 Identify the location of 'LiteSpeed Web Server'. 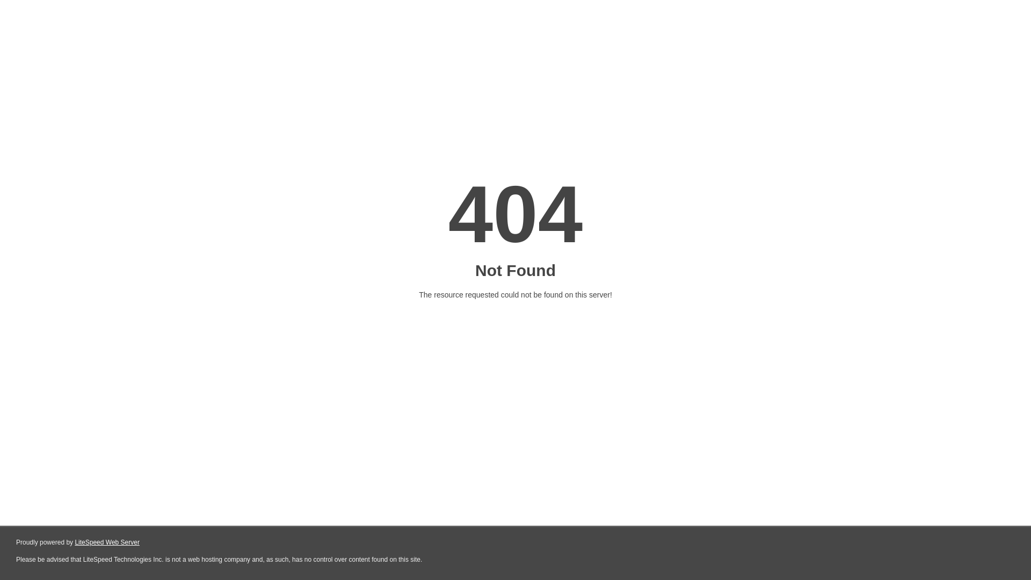
(107, 542).